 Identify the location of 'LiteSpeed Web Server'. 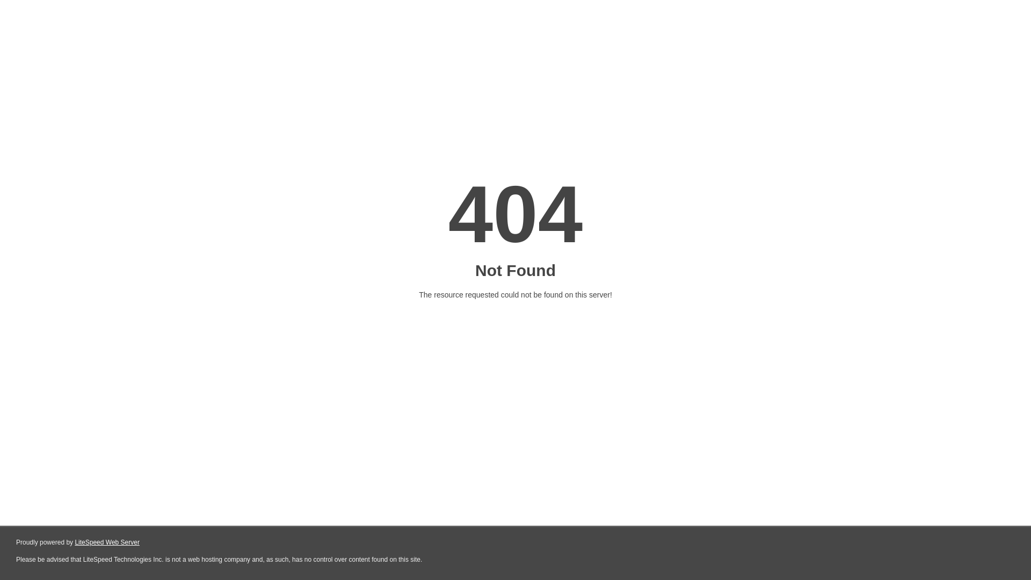
(107, 542).